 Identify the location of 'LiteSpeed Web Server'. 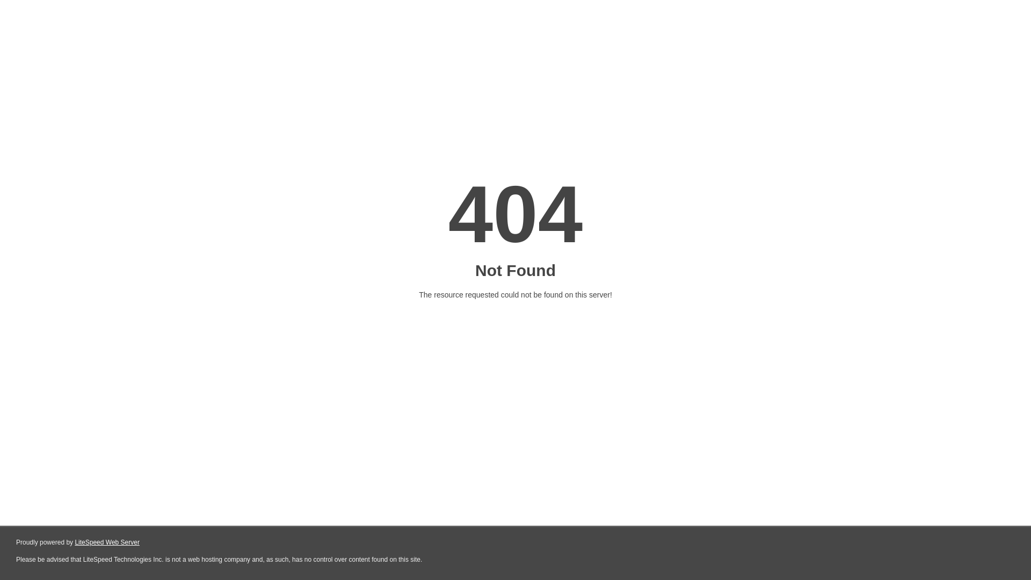
(107, 542).